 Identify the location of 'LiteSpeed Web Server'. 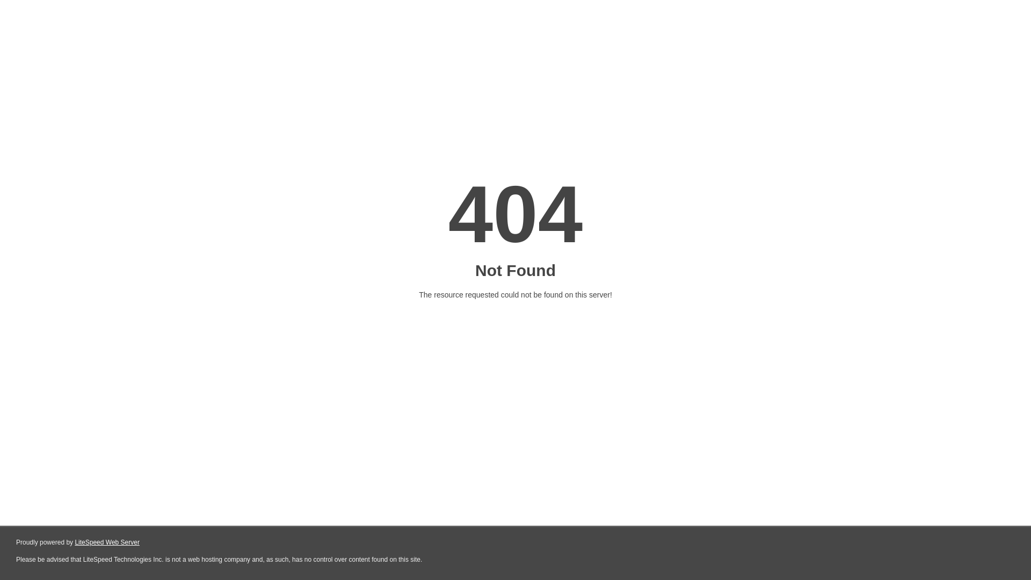
(107, 542).